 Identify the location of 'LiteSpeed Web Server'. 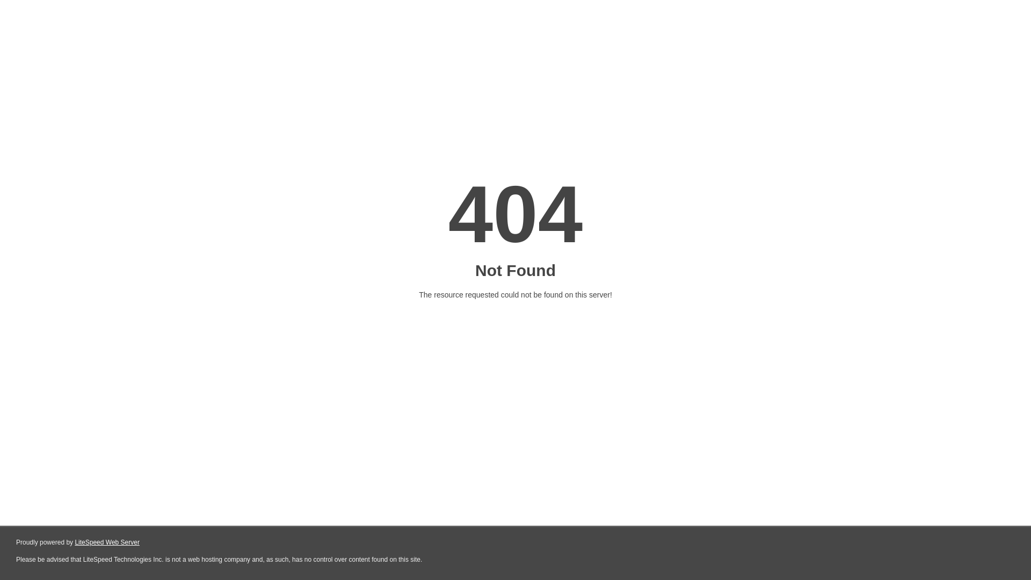
(107, 542).